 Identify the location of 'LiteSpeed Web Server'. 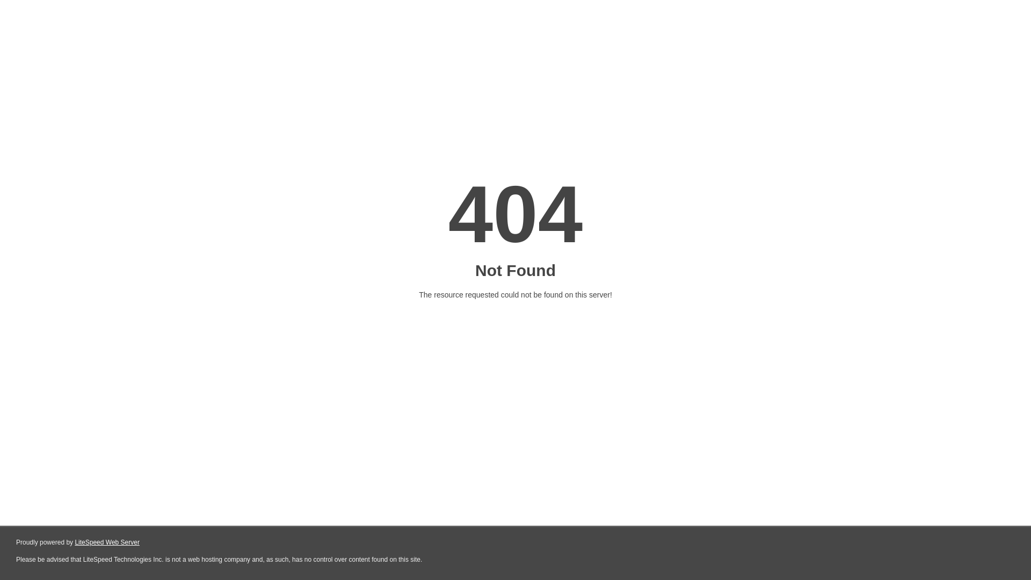
(107, 542).